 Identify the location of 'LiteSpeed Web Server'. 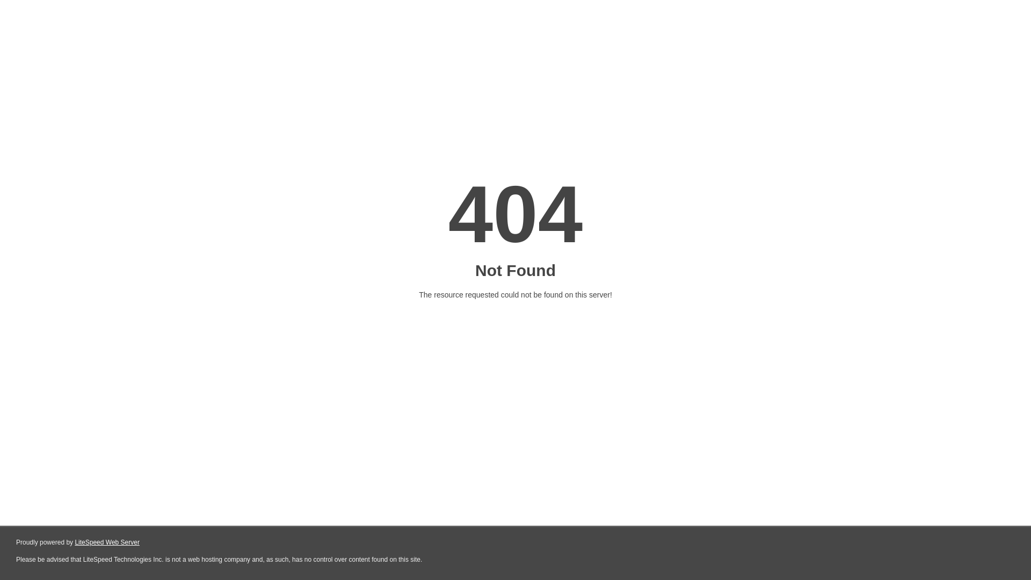
(107, 542).